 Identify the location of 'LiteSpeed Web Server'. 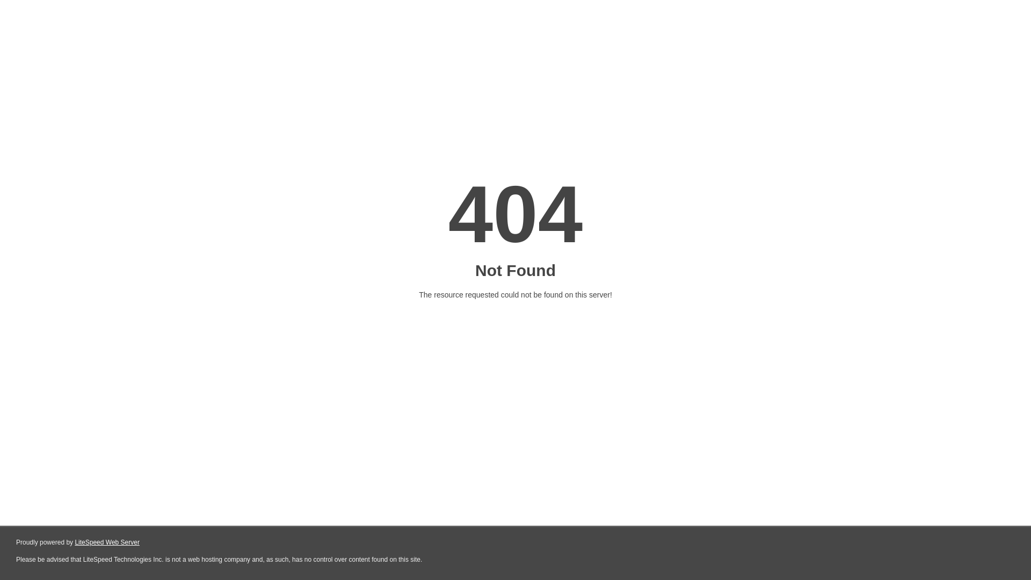
(107, 542).